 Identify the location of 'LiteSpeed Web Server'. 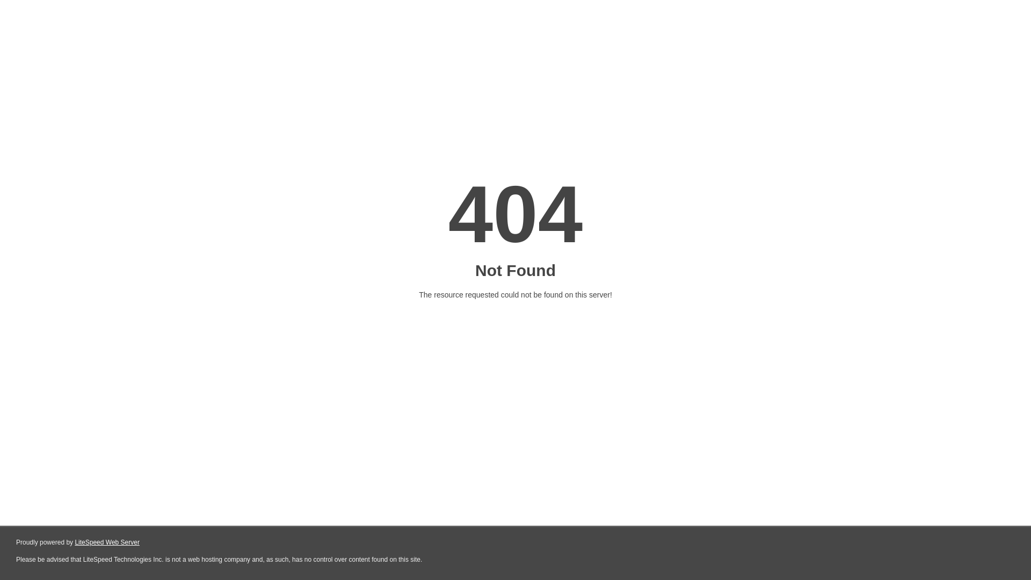
(107, 542).